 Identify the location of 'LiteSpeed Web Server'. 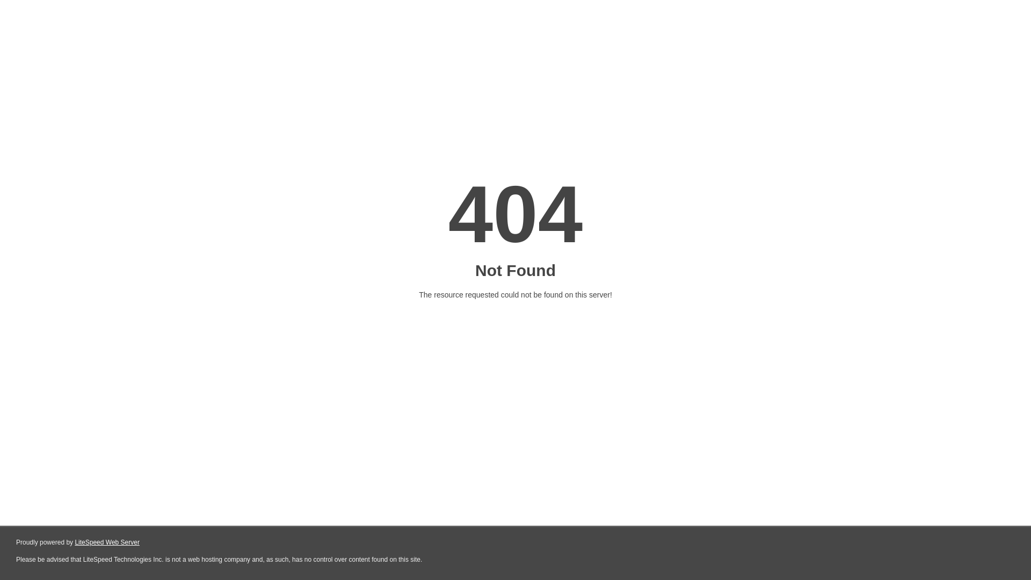
(107, 542).